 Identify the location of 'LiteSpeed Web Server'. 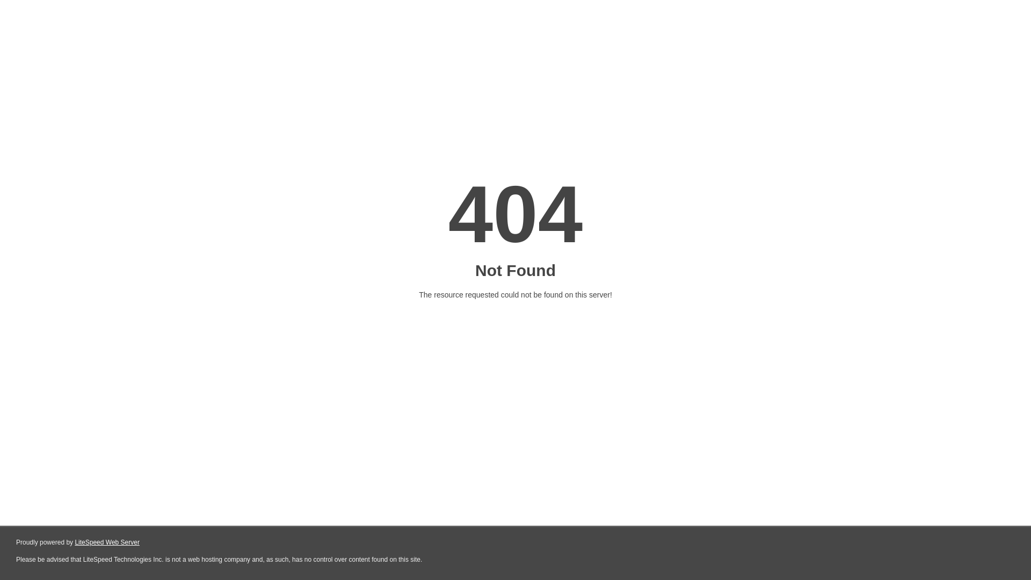
(107, 542).